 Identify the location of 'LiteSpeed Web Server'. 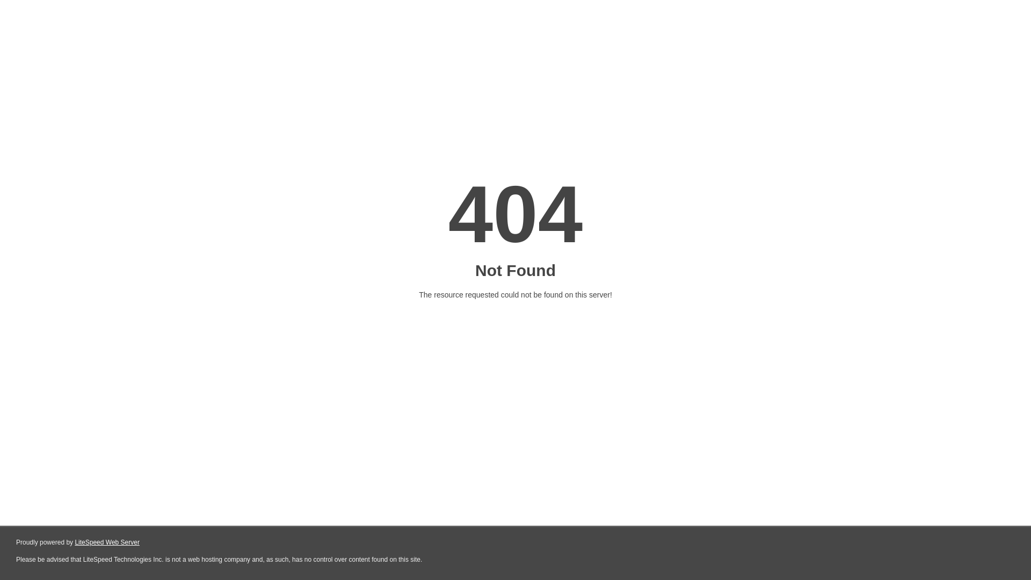
(107, 542).